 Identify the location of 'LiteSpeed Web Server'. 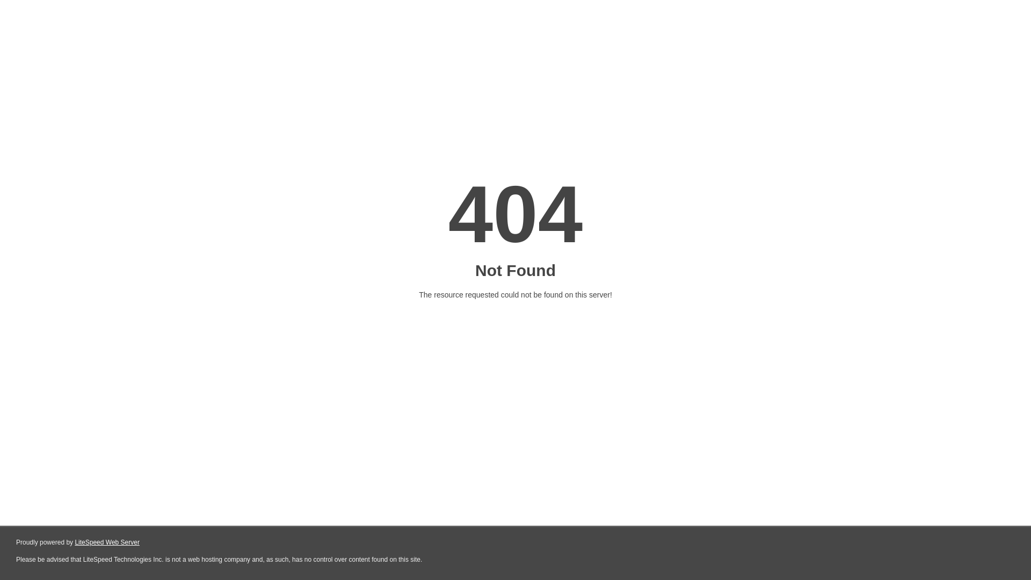
(107, 542).